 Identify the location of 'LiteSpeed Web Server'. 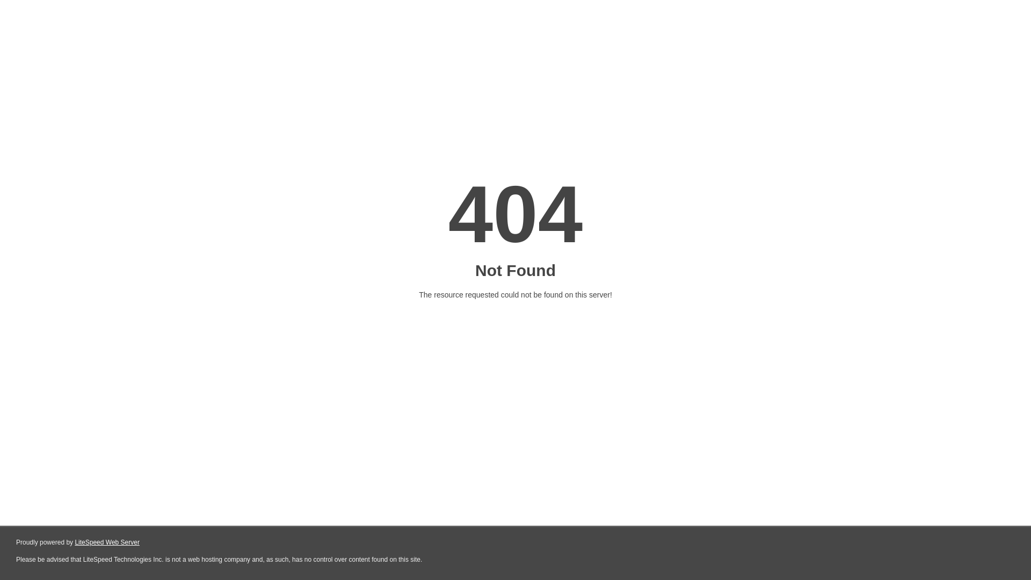
(107, 542).